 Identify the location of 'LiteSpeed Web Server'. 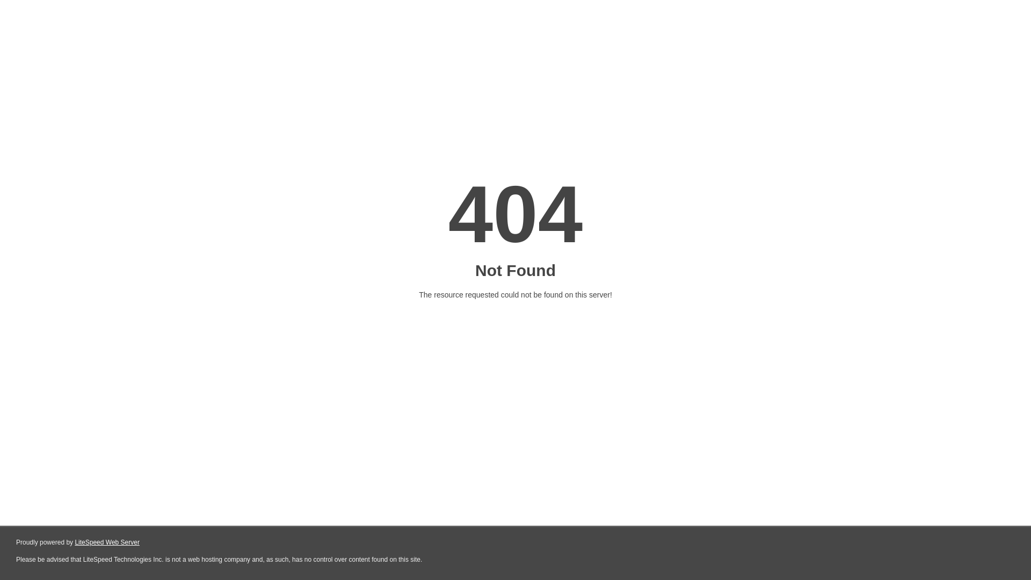
(107, 542).